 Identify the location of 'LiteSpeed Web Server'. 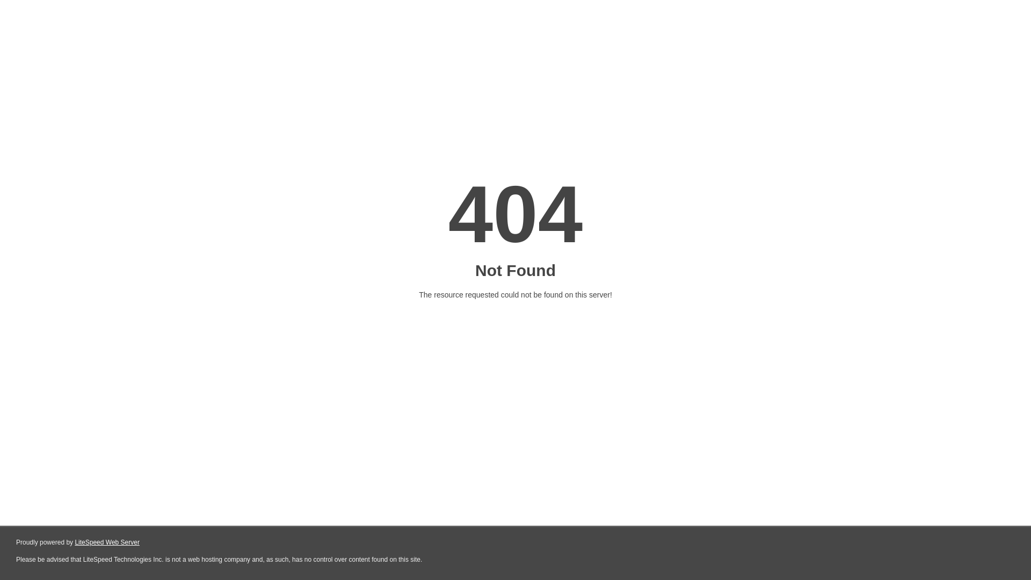
(107, 542).